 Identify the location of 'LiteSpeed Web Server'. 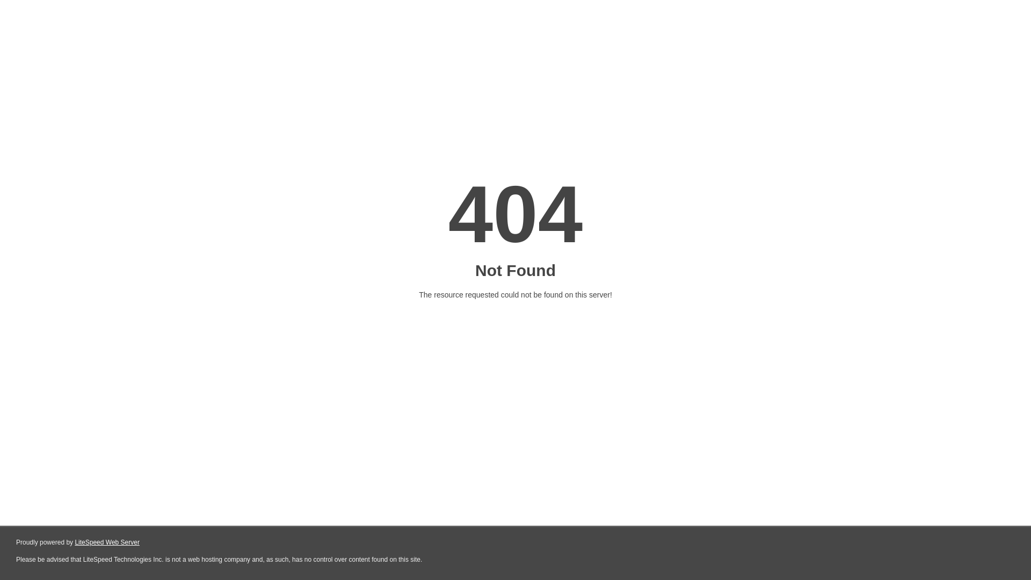
(107, 542).